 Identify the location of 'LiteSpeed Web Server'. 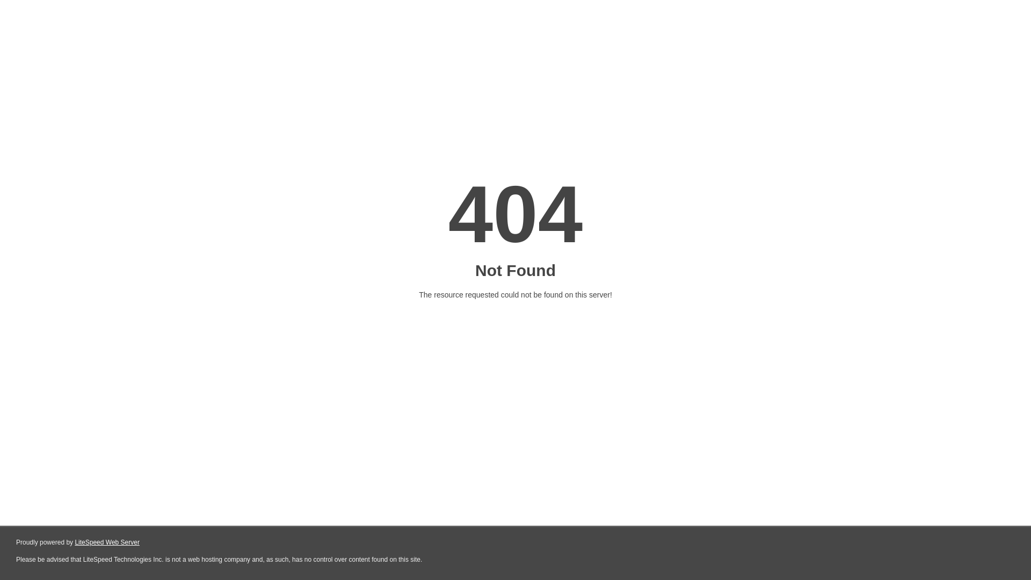
(107, 542).